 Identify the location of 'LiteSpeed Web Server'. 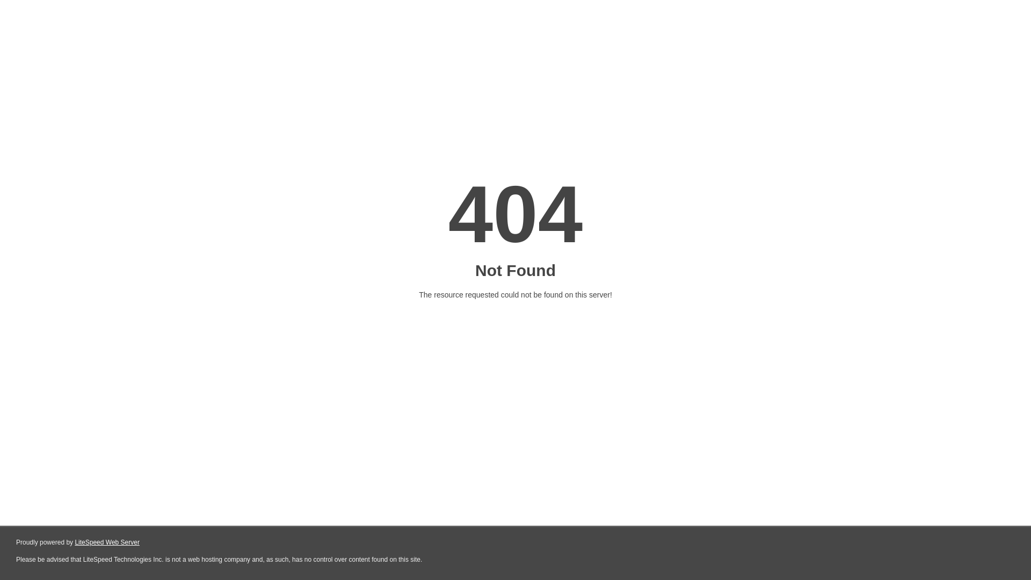
(107, 542).